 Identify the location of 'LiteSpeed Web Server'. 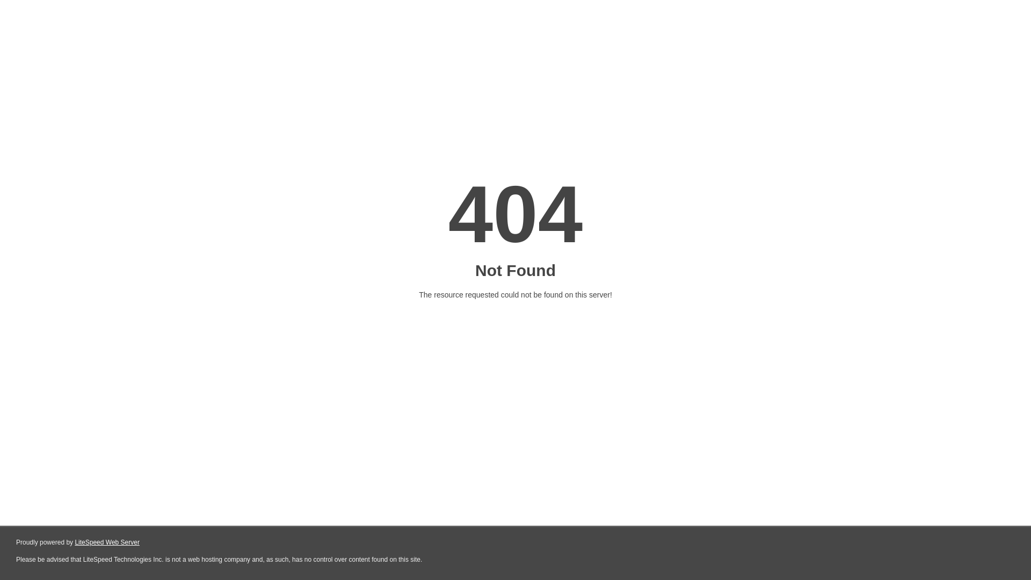
(107, 542).